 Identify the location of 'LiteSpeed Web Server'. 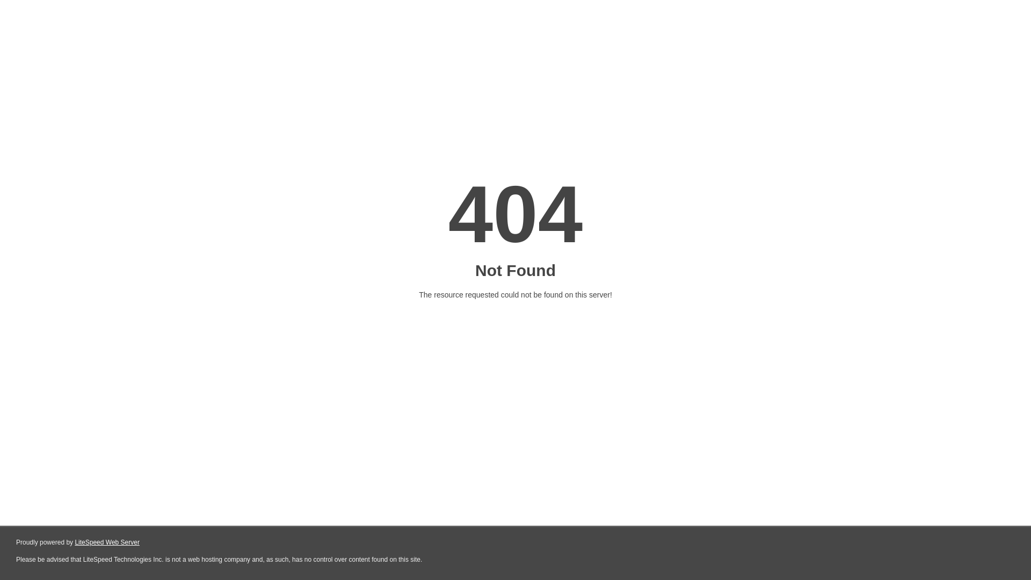
(107, 542).